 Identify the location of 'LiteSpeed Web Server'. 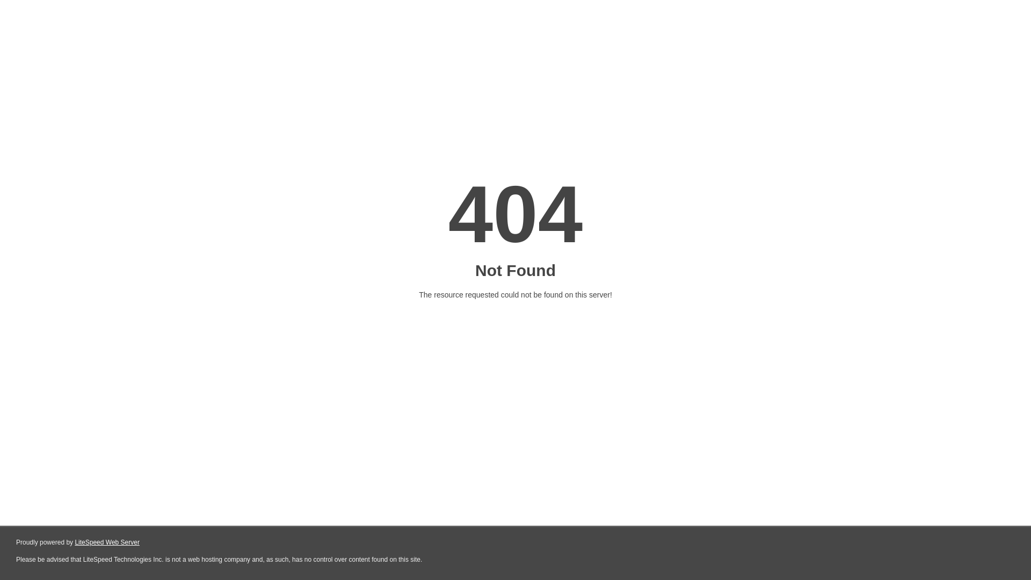
(107, 542).